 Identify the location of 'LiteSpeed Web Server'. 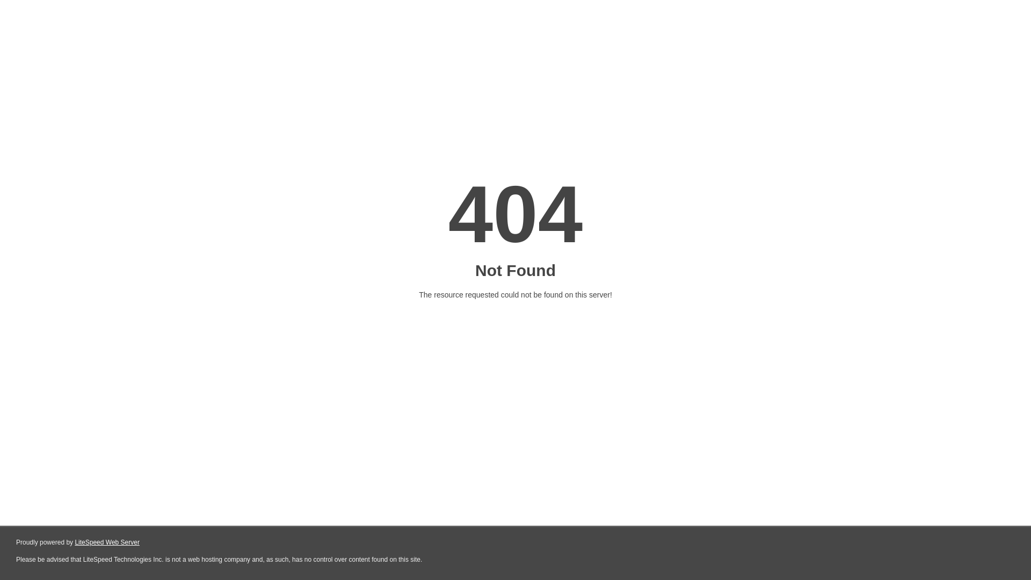
(107, 542).